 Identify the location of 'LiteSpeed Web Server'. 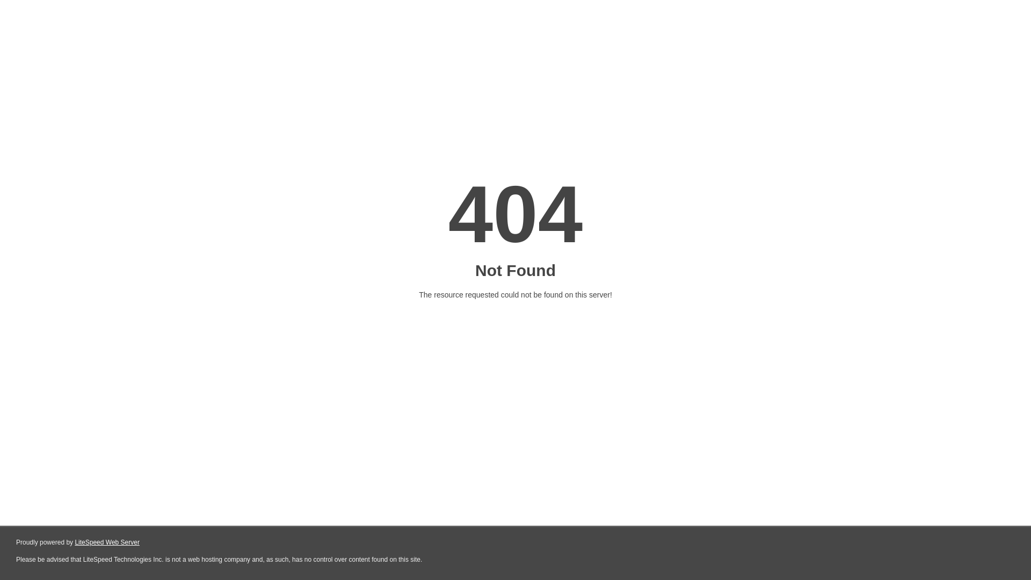
(107, 542).